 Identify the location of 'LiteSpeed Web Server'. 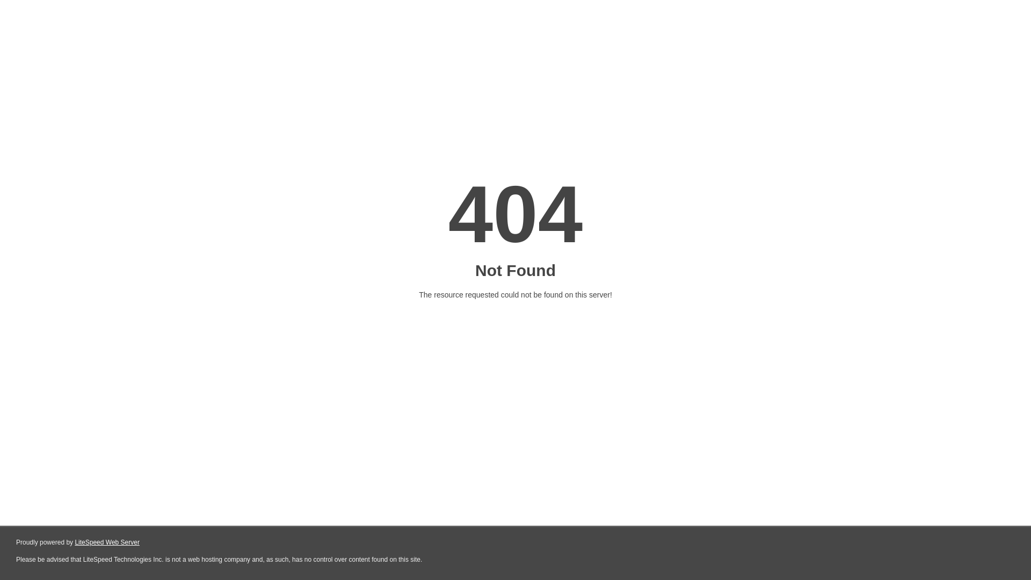
(107, 542).